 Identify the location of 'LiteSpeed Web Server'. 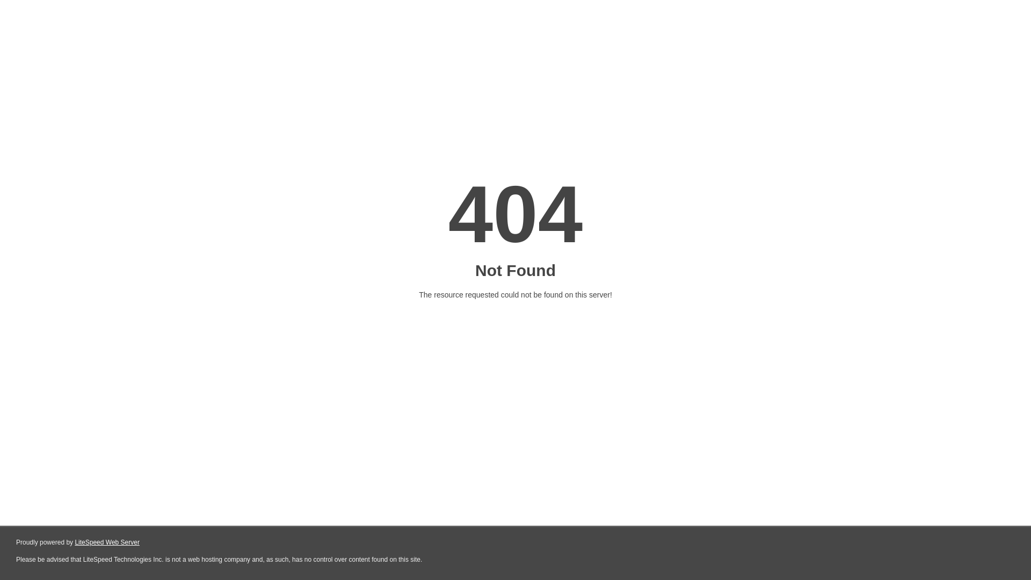
(107, 542).